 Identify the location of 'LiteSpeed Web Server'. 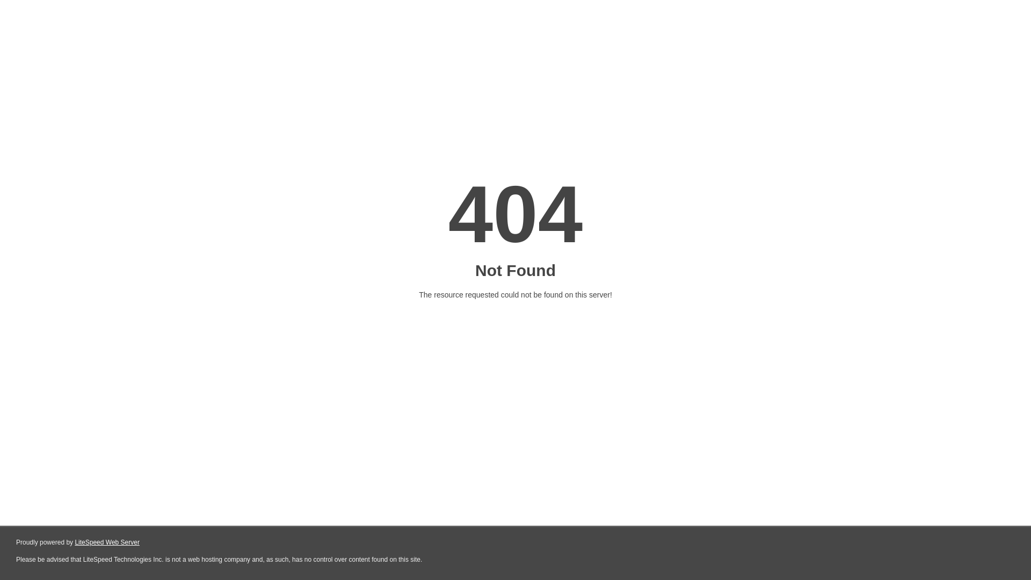
(107, 542).